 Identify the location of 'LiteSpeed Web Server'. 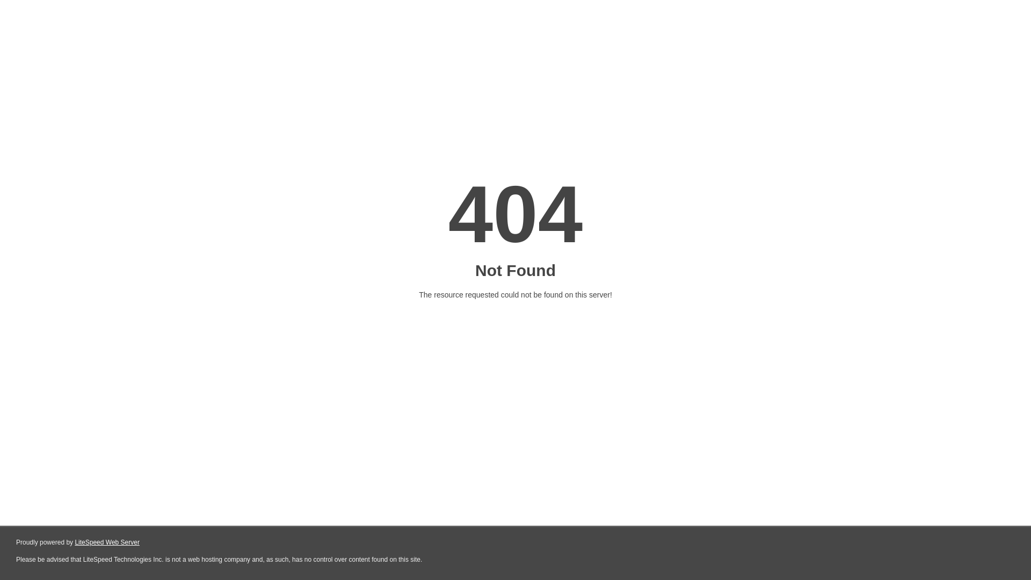
(107, 542).